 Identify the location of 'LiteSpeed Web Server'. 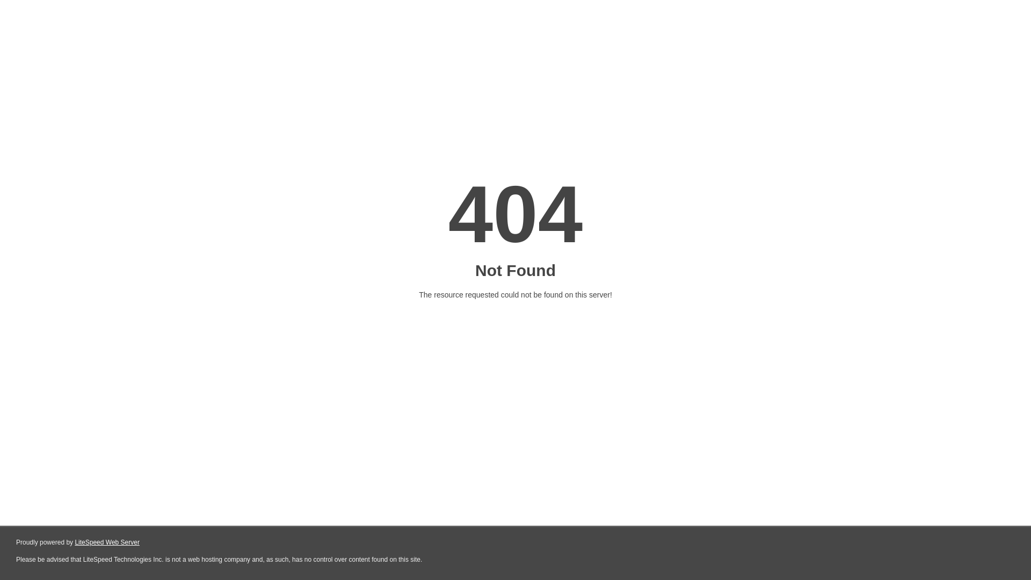
(107, 542).